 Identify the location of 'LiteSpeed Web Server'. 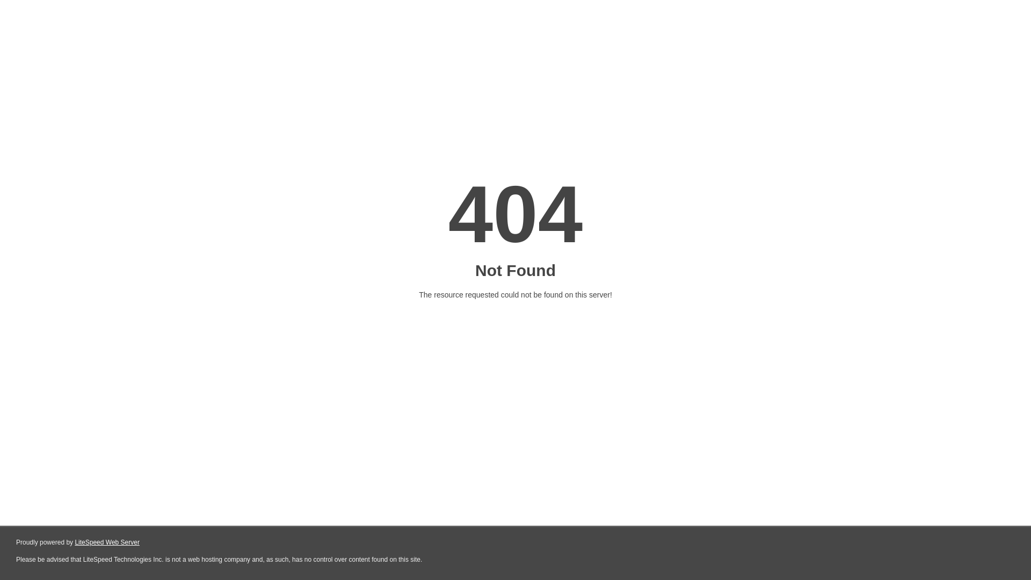
(107, 542).